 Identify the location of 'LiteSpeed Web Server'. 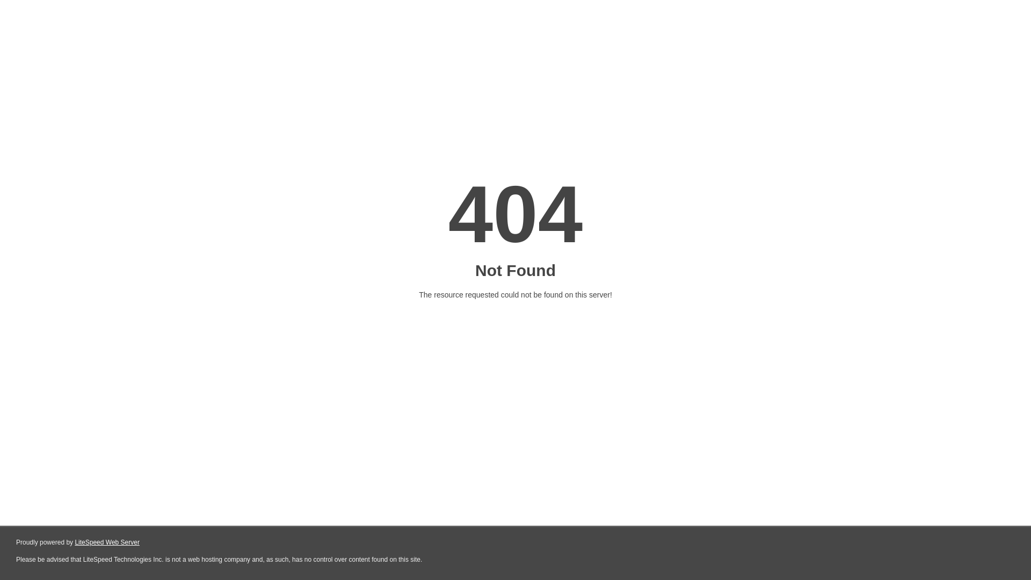
(107, 542).